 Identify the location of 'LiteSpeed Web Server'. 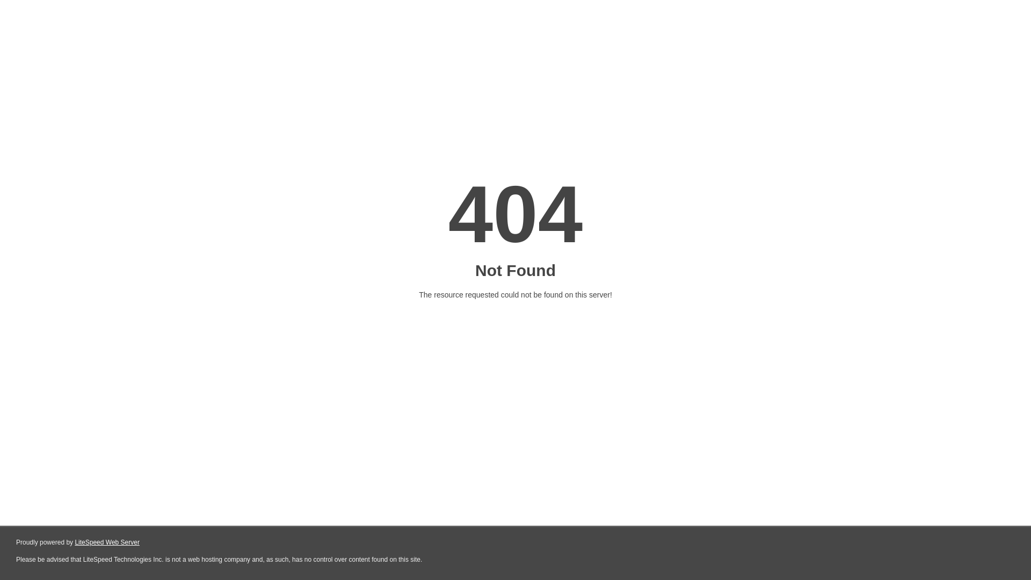
(107, 542).